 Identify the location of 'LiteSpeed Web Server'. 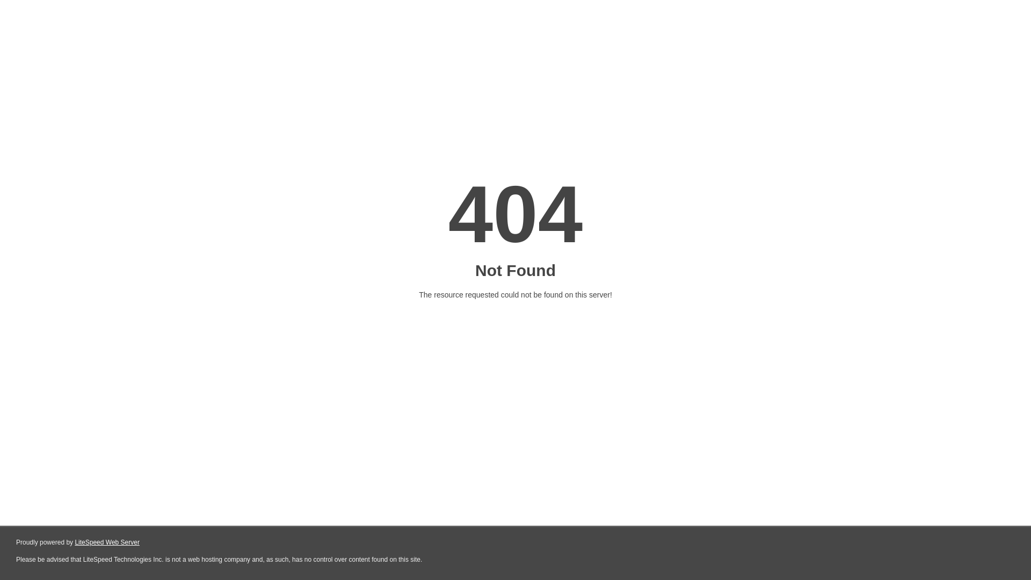
(107, 542).